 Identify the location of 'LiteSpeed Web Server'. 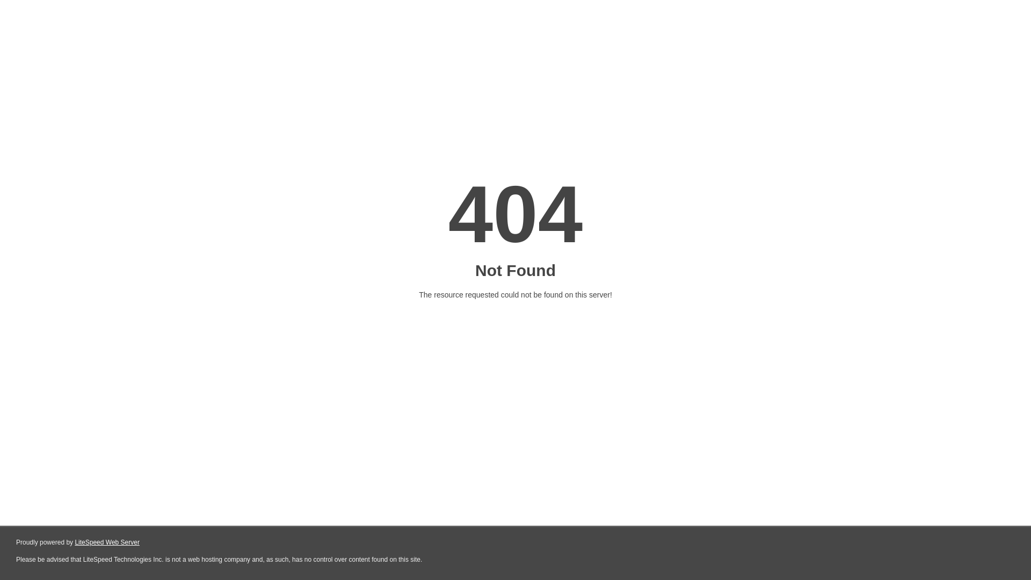
(107, 542).